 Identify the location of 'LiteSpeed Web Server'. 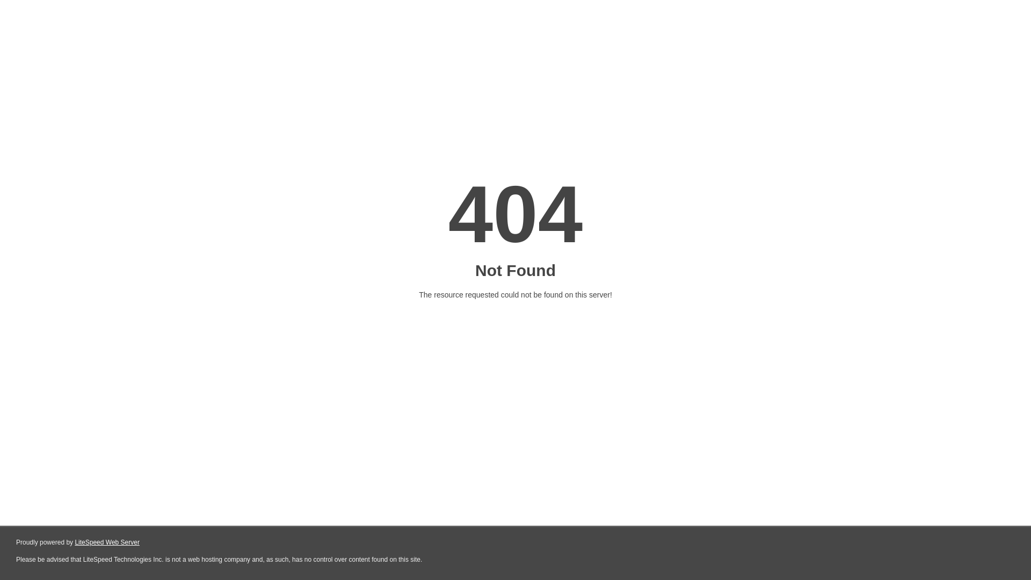
(107, 542).